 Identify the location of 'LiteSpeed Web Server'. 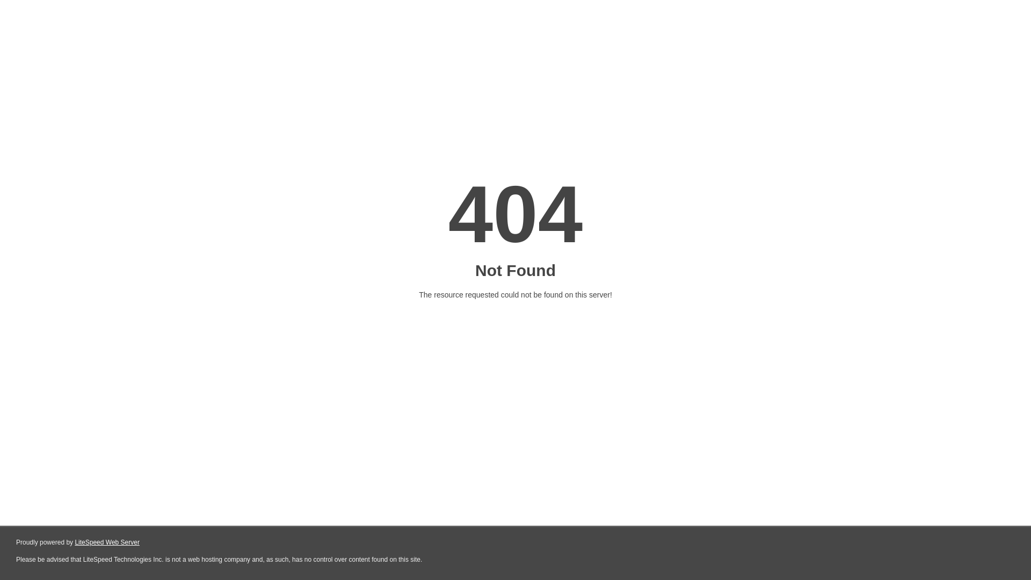
(107, 542).